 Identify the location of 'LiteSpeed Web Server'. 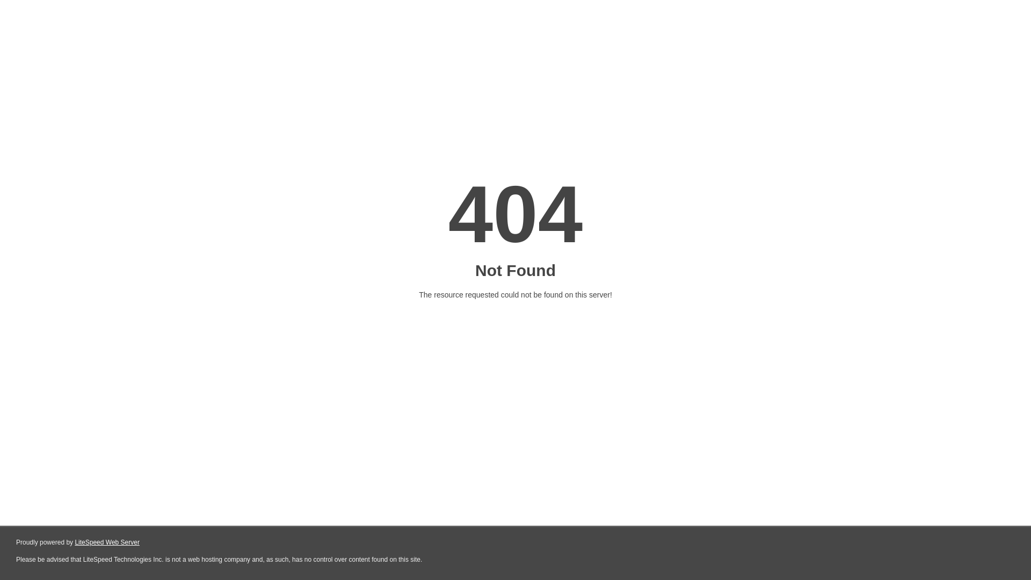
(107, 542).